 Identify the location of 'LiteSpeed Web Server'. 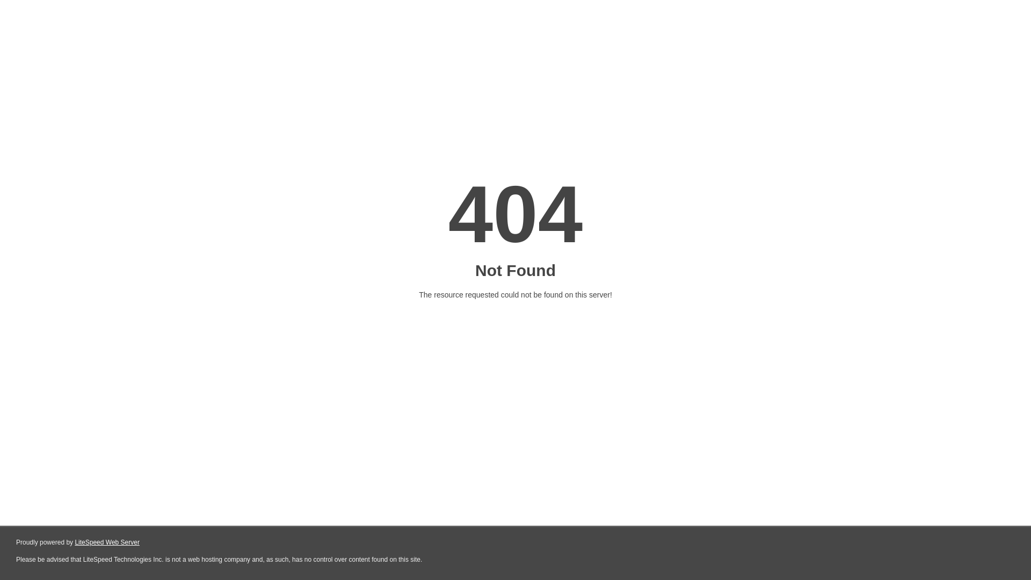
(107, 542).